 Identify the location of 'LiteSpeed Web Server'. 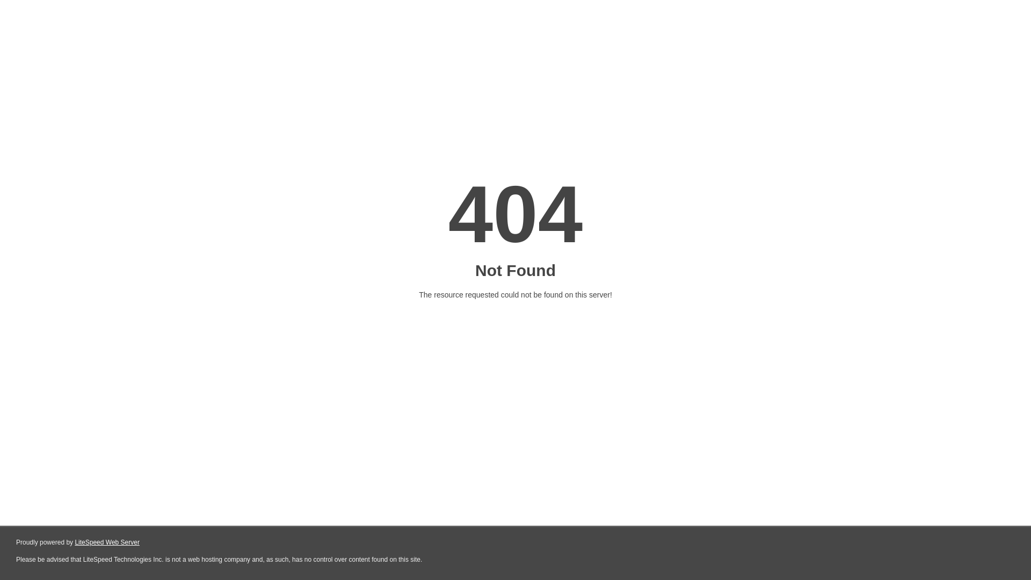
(107, 542).